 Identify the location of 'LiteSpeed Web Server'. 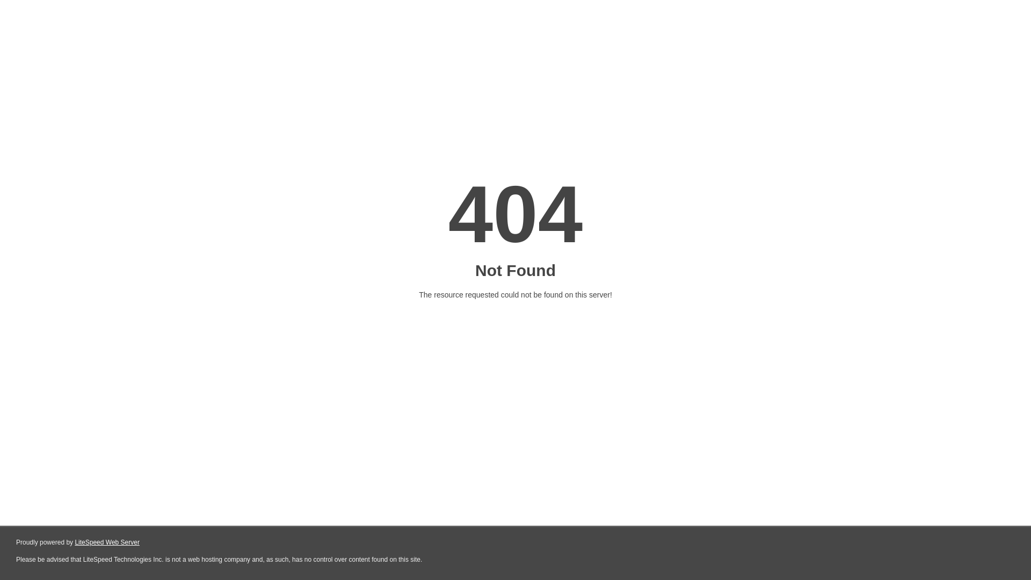
(107, 542).